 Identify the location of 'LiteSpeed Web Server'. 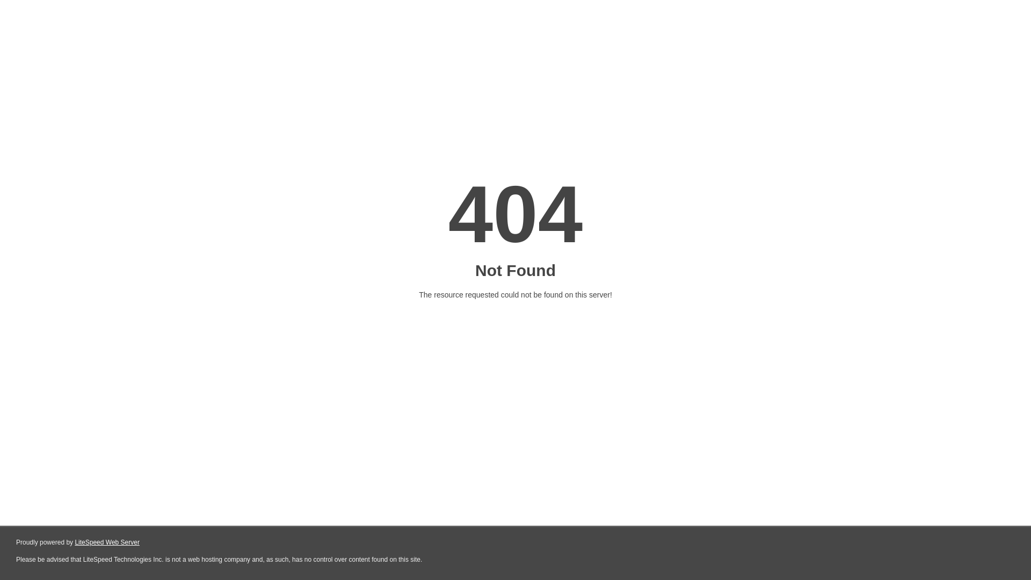
(107, 542).